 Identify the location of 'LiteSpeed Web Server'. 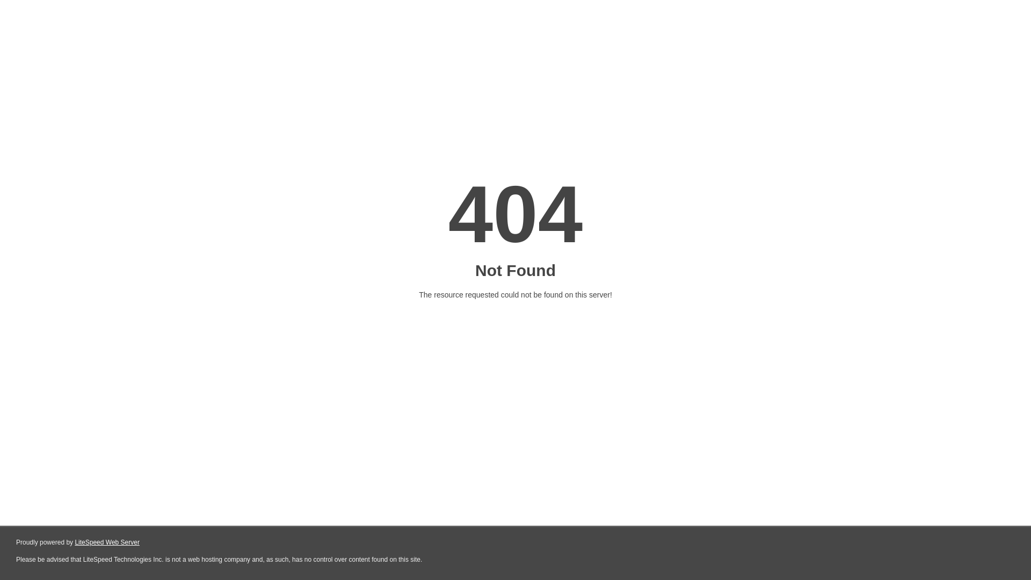
(107, 542).